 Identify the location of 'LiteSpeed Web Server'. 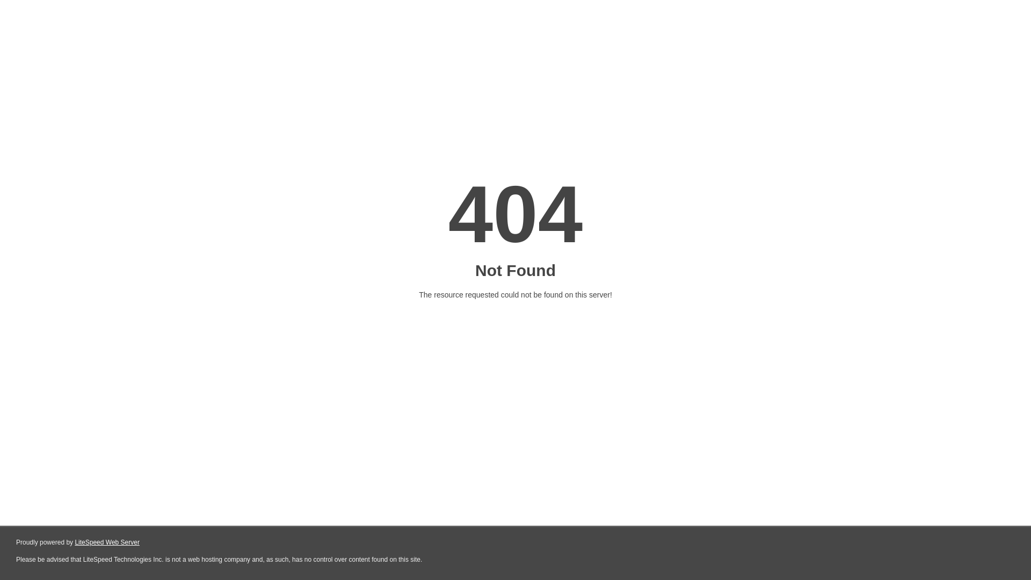
(107, 542).